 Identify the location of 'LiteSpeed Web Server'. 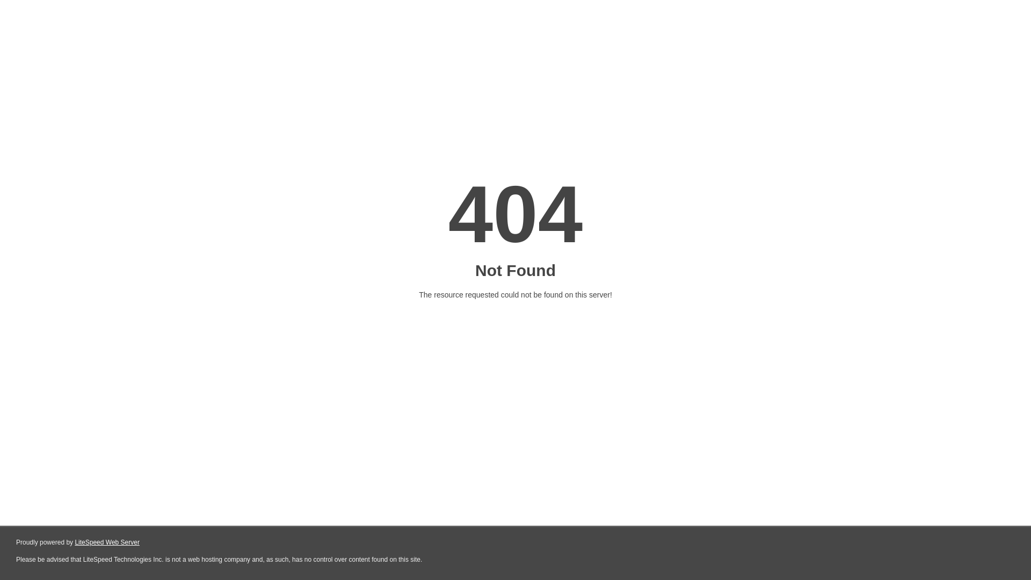
(107, 542).